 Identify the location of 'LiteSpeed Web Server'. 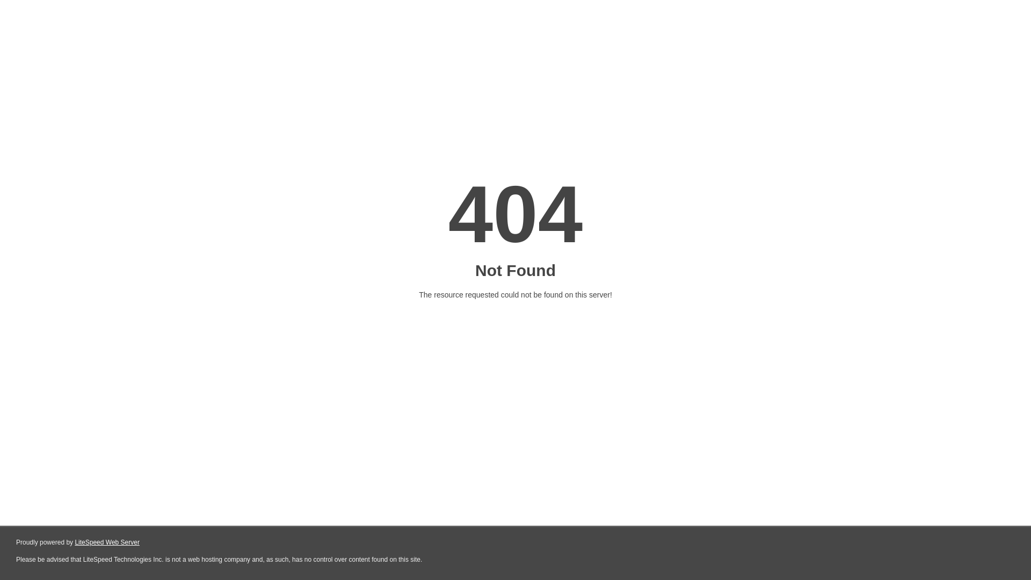
(107, 542).